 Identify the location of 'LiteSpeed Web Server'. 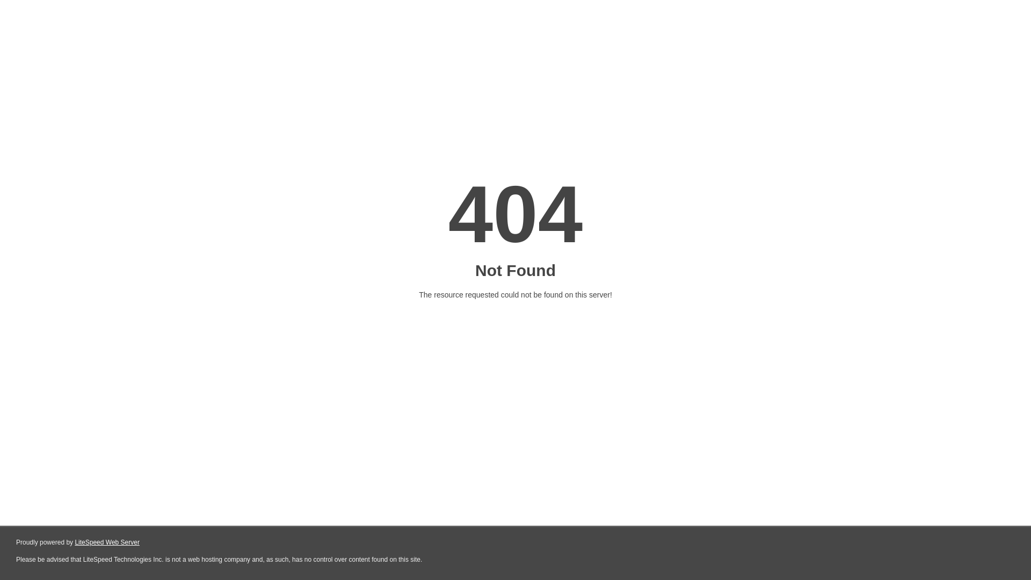
(107, 542).